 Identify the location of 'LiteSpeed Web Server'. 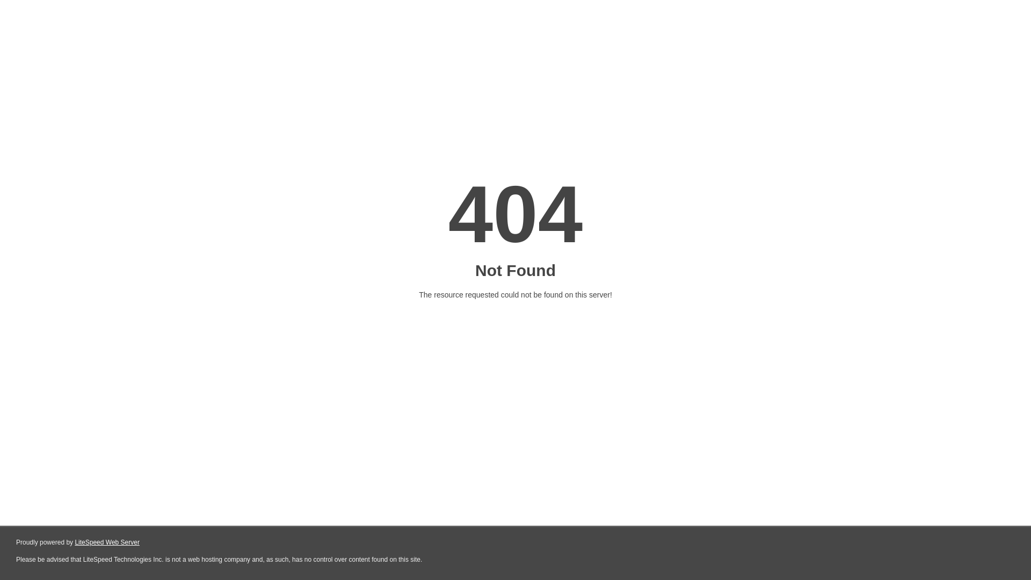
(107, 542).